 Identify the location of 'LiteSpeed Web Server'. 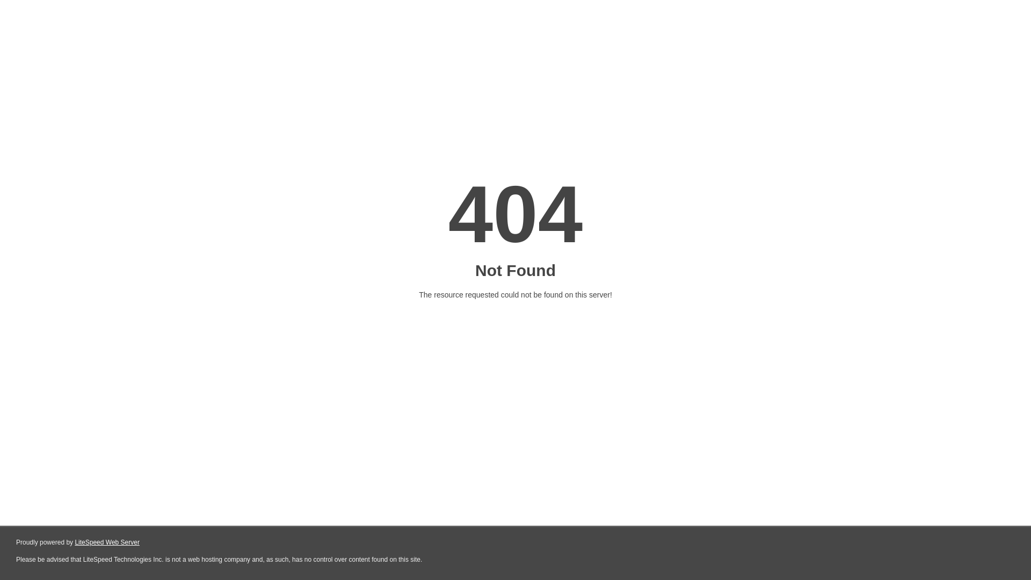
(107, 542).